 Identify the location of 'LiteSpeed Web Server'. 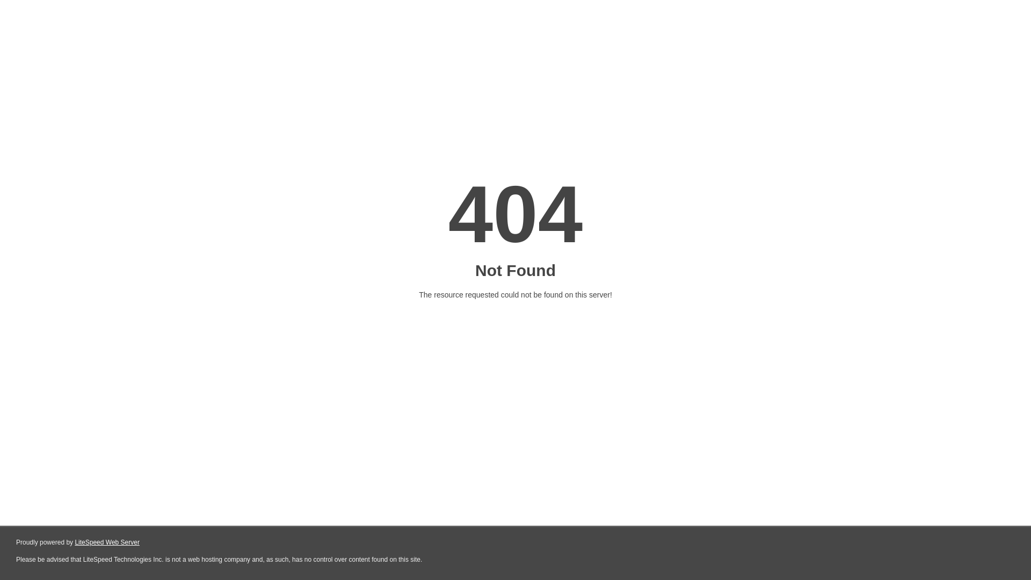
(107, 542).